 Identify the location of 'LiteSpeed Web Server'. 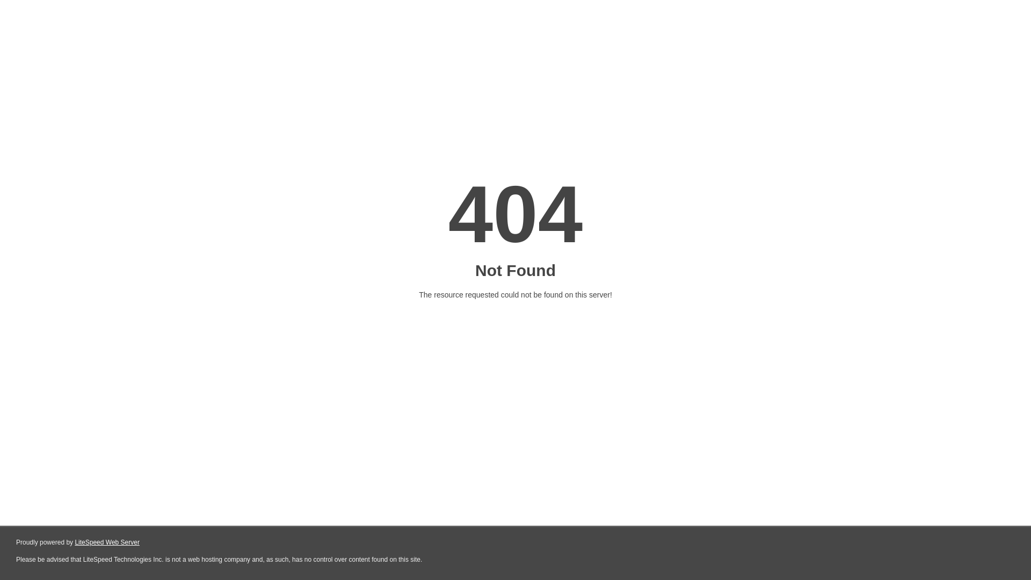
(107, 542).